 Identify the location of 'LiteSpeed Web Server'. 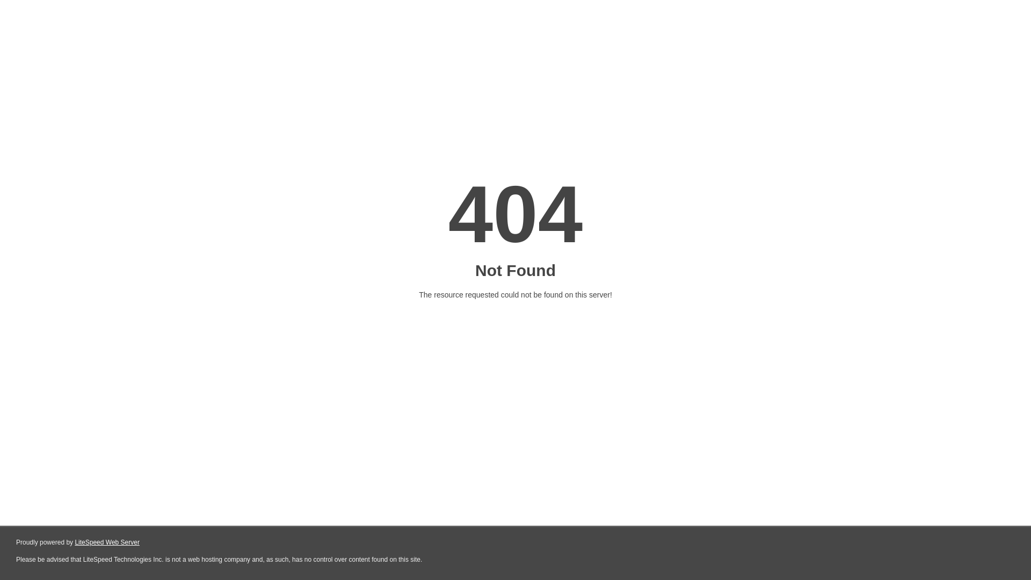
(107, 542).